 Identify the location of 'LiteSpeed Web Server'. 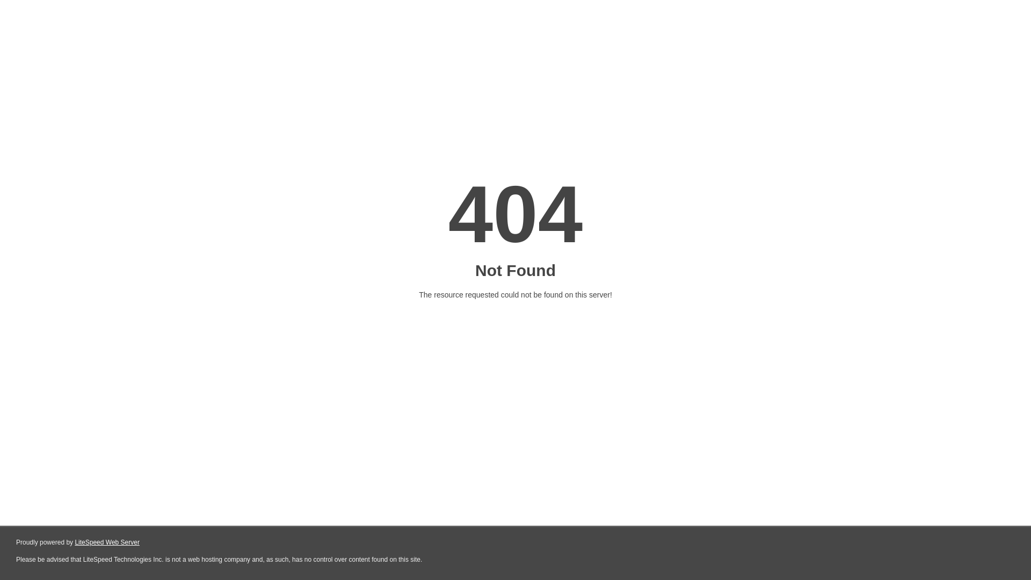
(107, 542).